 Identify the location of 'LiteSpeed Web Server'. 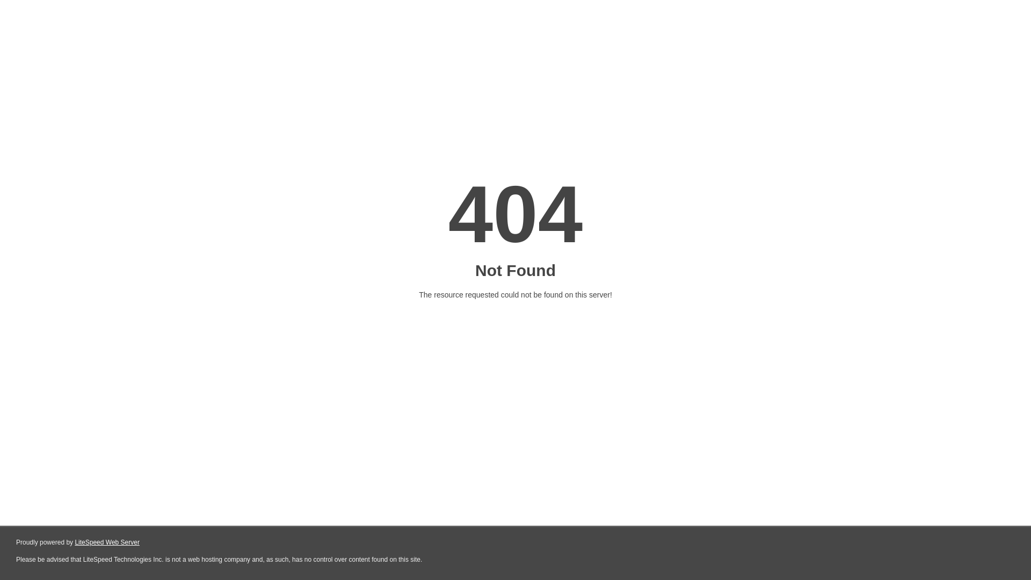
(107, 542).